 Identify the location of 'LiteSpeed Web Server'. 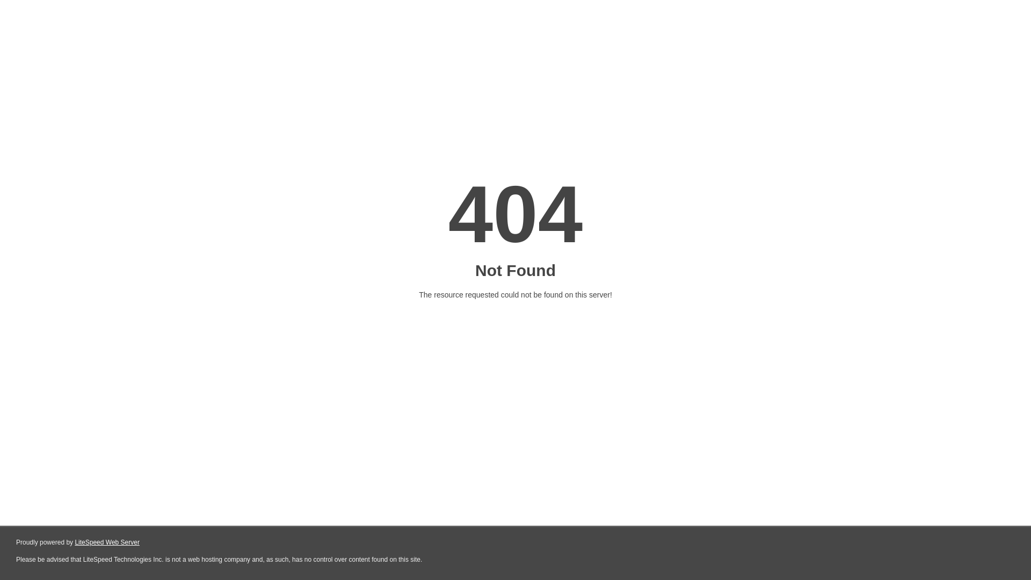
(107, 542).